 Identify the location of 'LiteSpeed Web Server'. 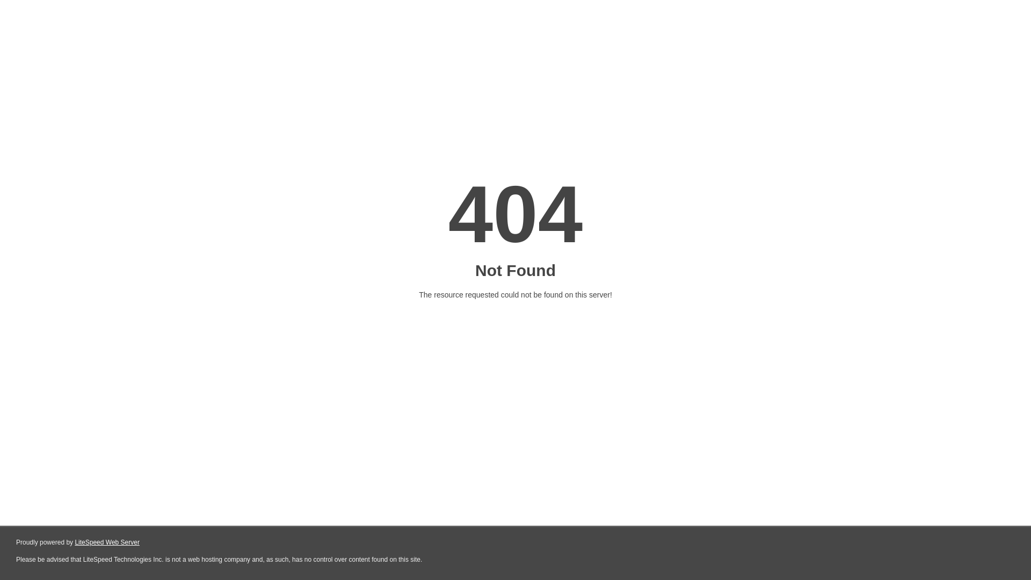
(107, 542).